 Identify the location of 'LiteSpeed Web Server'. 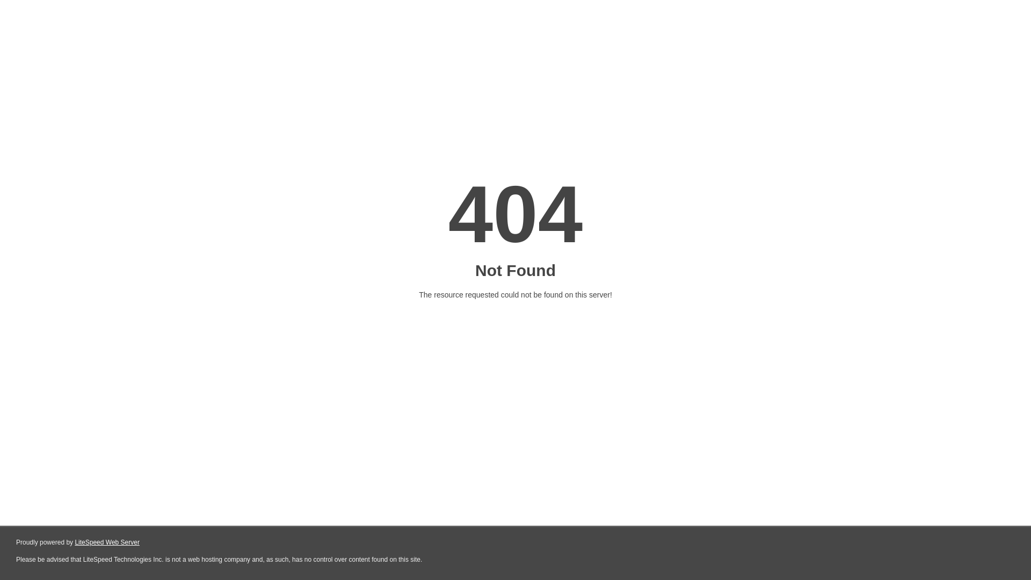
(107, 542).